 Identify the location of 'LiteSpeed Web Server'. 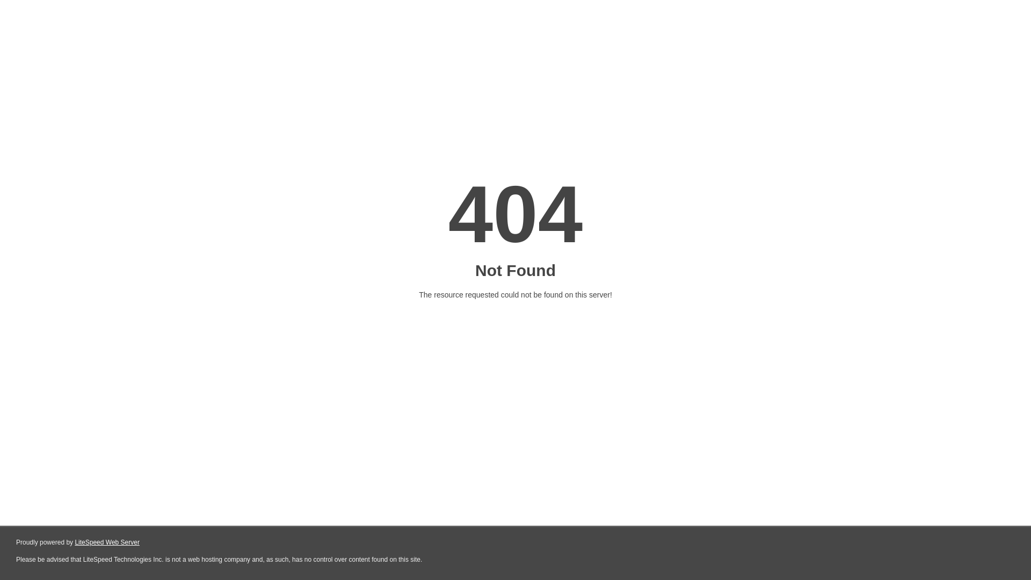
(107, 542).